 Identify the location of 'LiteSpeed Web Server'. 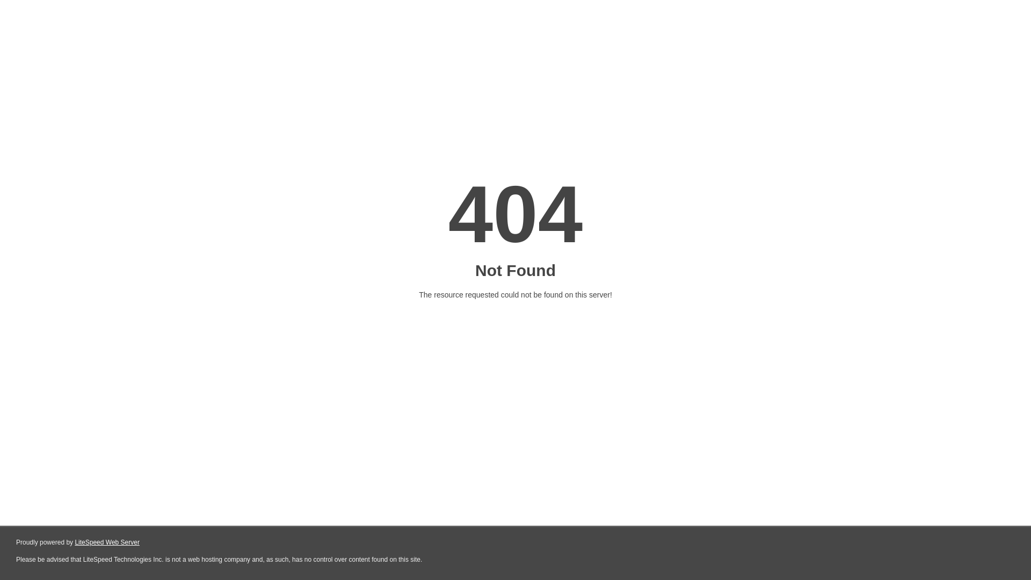
(107, 542).